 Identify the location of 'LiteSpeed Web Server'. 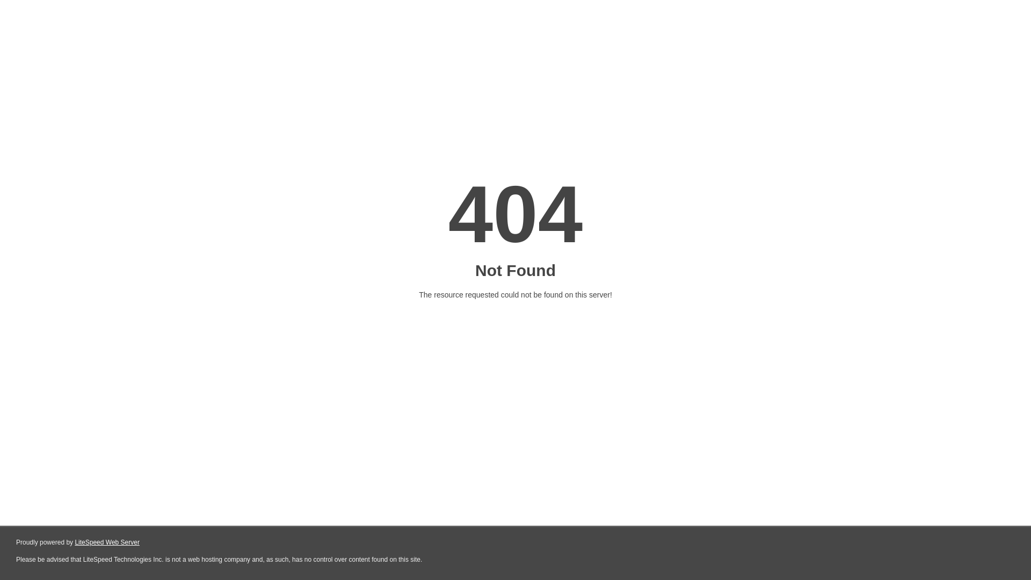
(107, 542).